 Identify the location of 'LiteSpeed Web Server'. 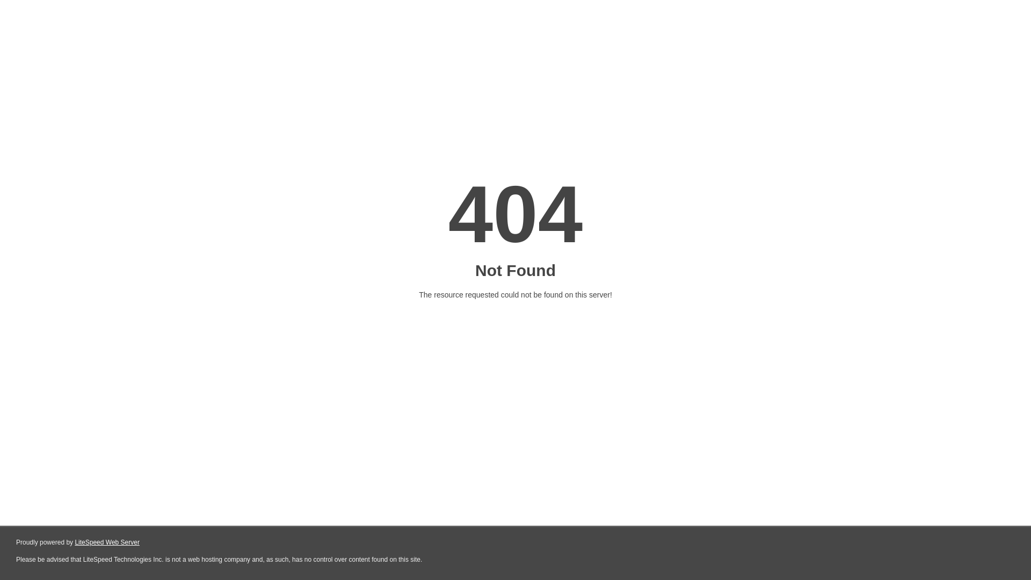
(107, 542).